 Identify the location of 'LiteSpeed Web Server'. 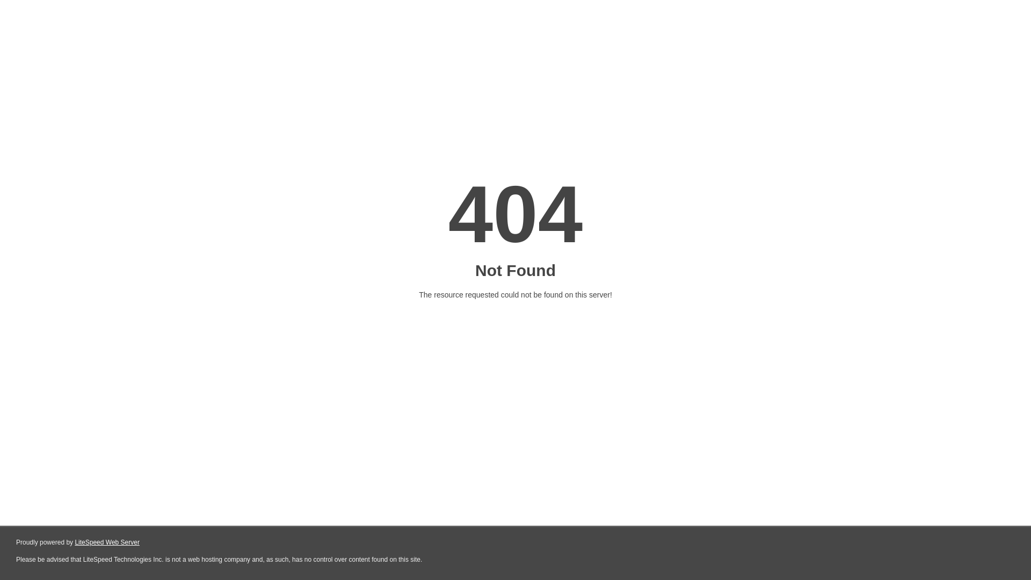
(107, 542).